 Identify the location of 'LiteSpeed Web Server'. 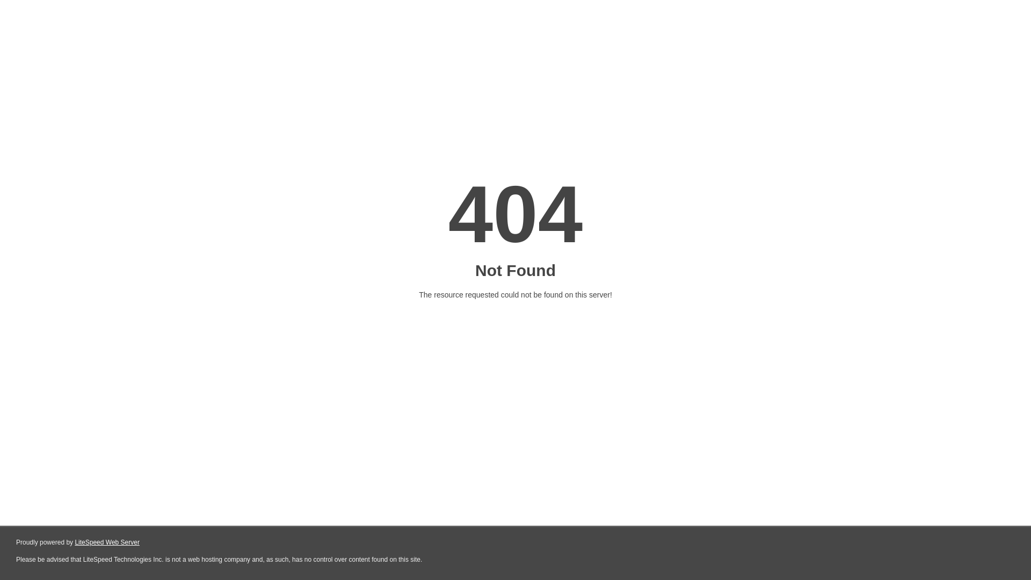
(107, 542).